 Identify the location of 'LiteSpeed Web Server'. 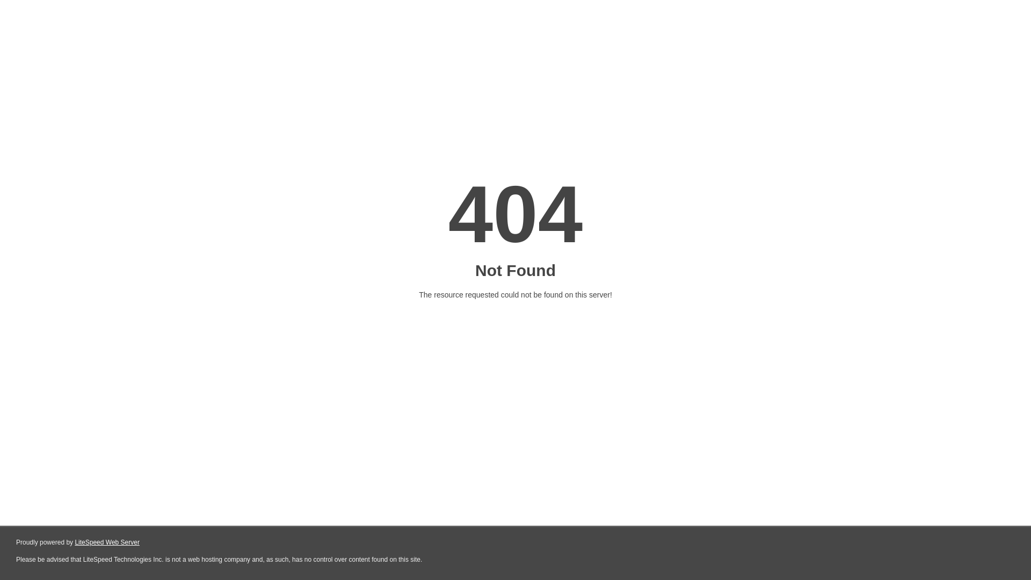
(107, 542).